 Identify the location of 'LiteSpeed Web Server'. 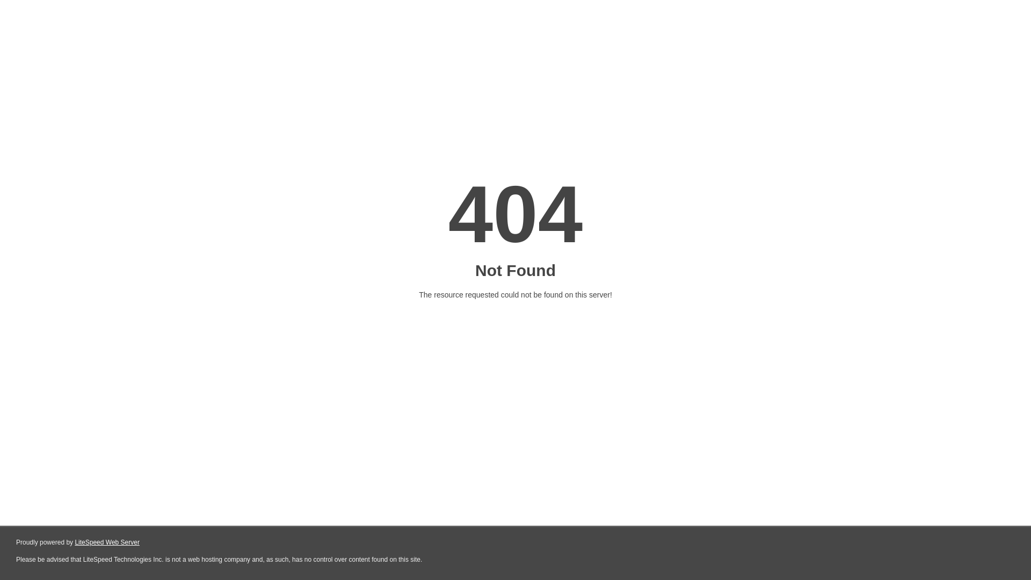
(107, 542).